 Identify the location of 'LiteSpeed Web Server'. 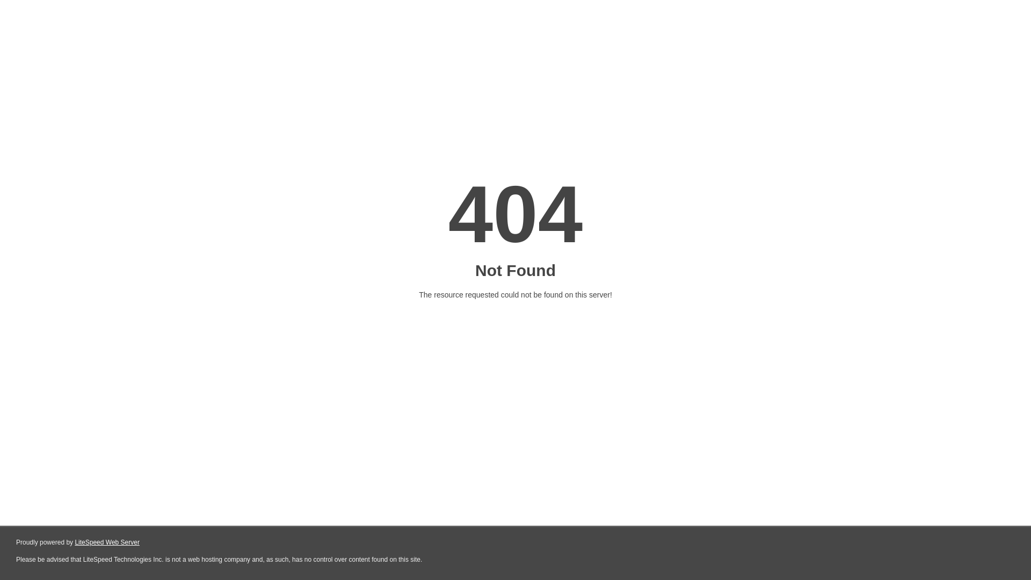
(107, 542).